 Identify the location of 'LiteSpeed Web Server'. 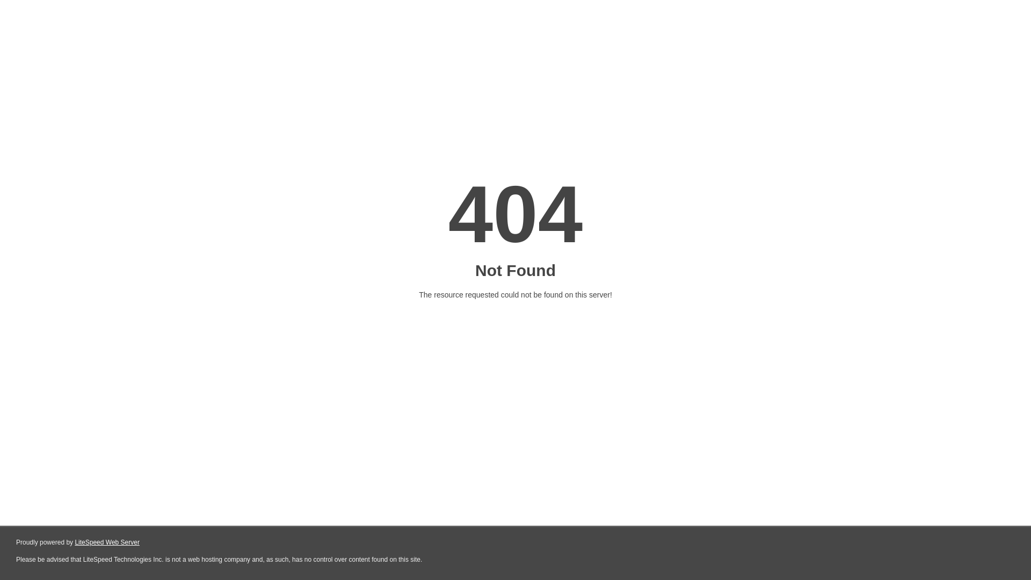
(107, 542).